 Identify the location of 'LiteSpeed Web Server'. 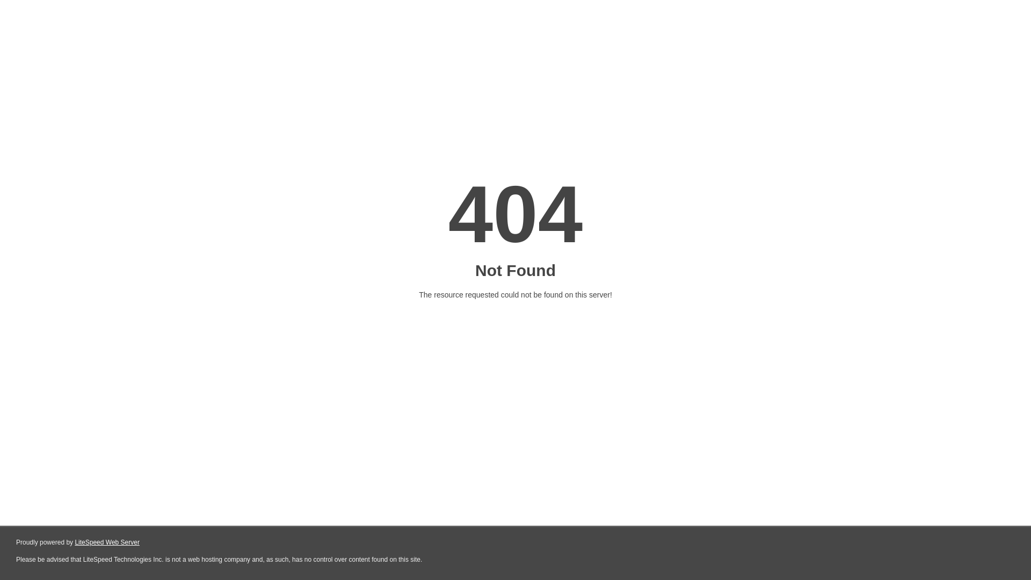
(107, 542).